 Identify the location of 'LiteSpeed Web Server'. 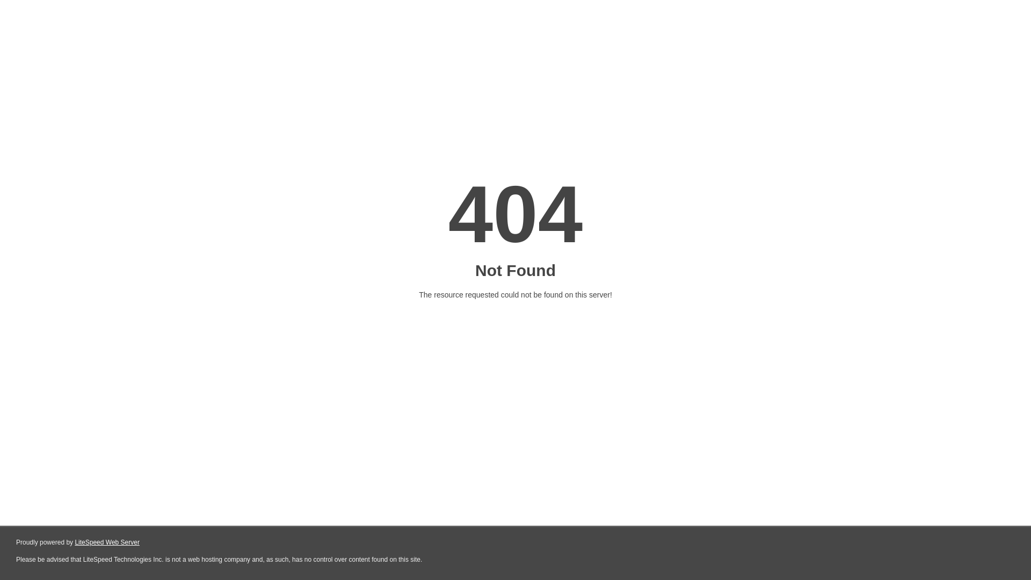
(107, 542).